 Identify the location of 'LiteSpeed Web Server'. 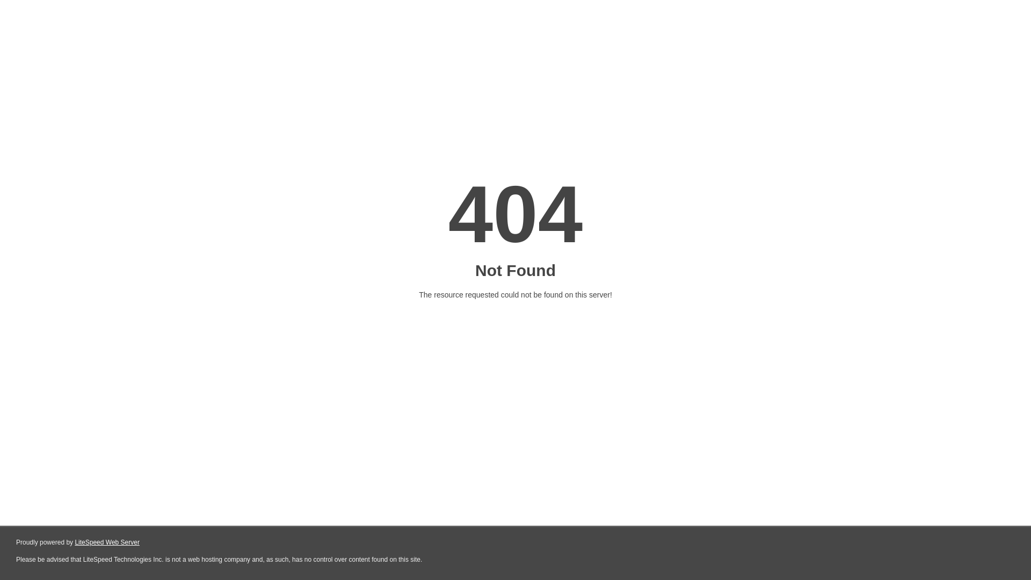
(107, 542).